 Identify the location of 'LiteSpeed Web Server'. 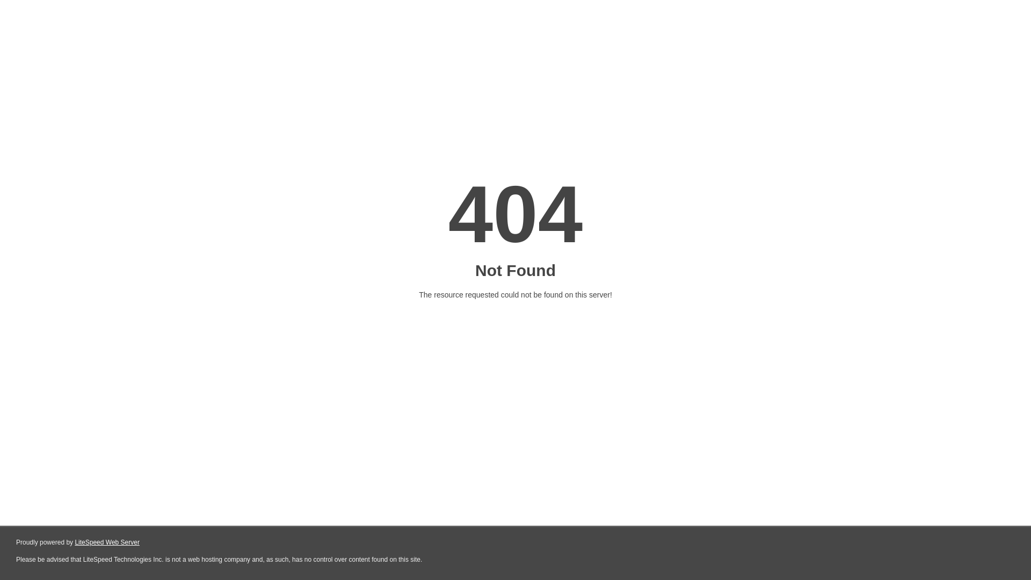
(107, 542).